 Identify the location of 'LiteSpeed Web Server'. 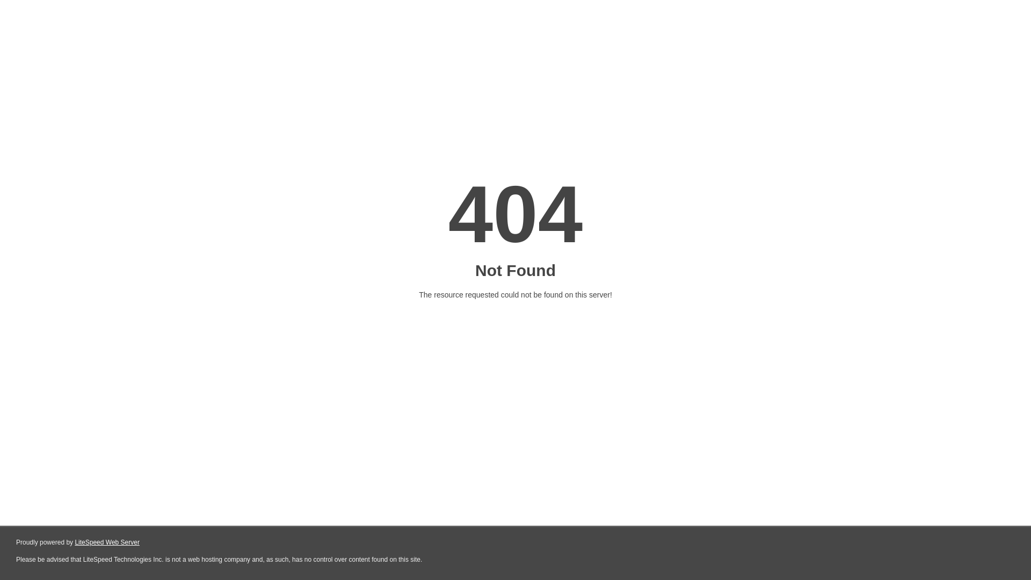
(107, 542).